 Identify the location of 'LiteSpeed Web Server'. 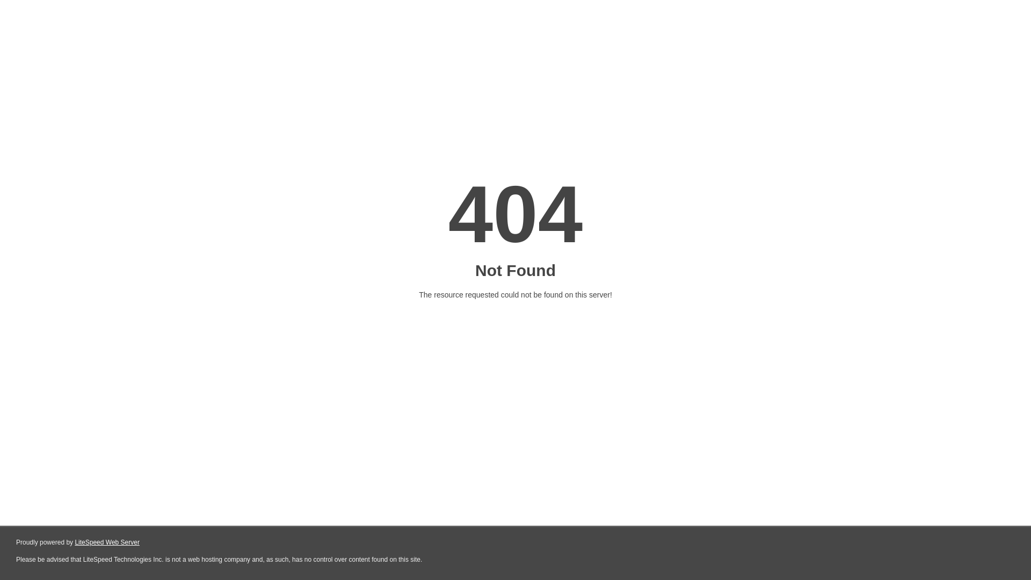
(107, 542).